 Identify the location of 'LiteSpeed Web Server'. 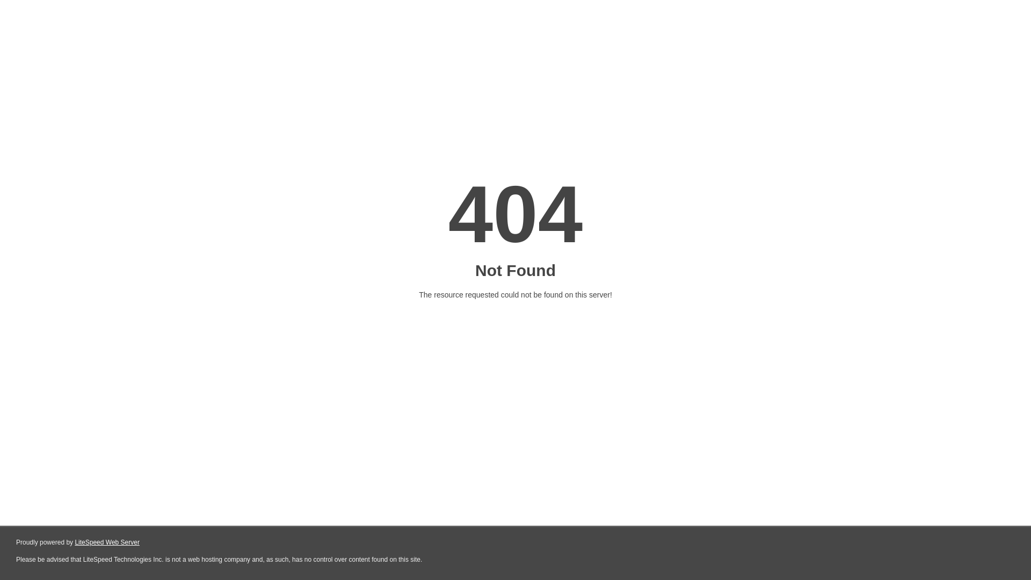
(107, 542).